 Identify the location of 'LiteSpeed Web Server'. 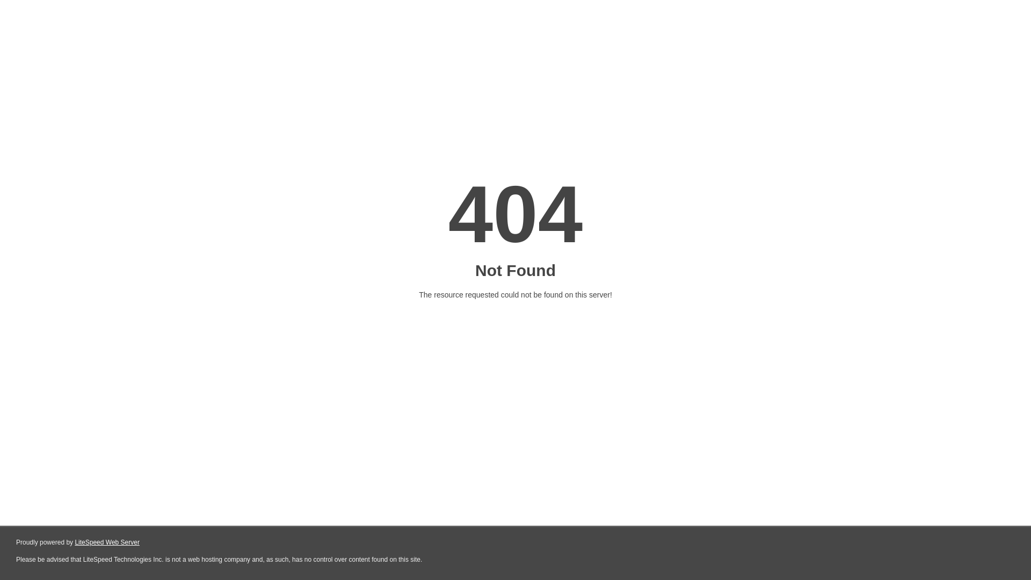
(107, 542).